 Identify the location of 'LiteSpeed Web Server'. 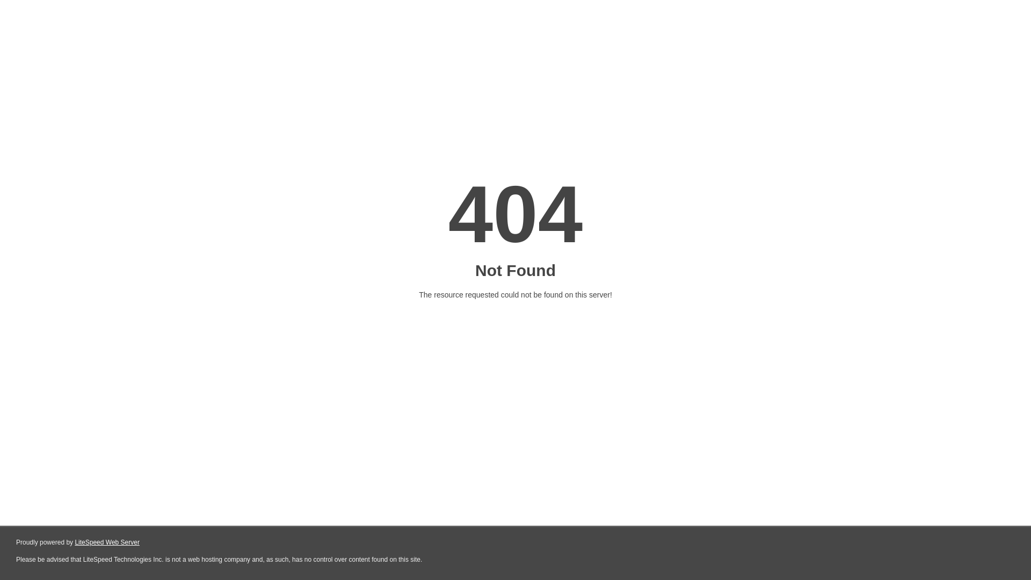
(107, 542).